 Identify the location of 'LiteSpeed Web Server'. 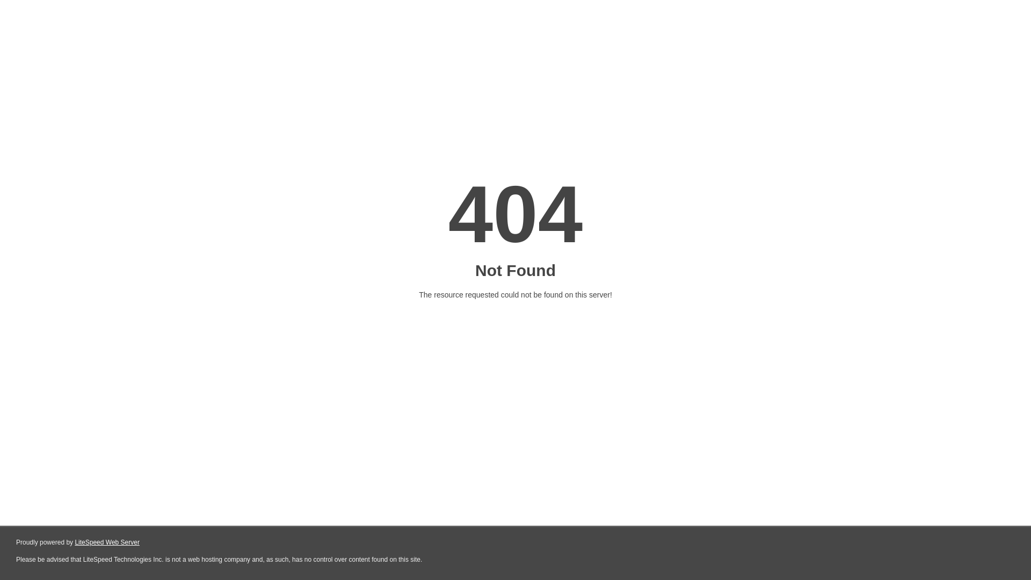
(107, 542).